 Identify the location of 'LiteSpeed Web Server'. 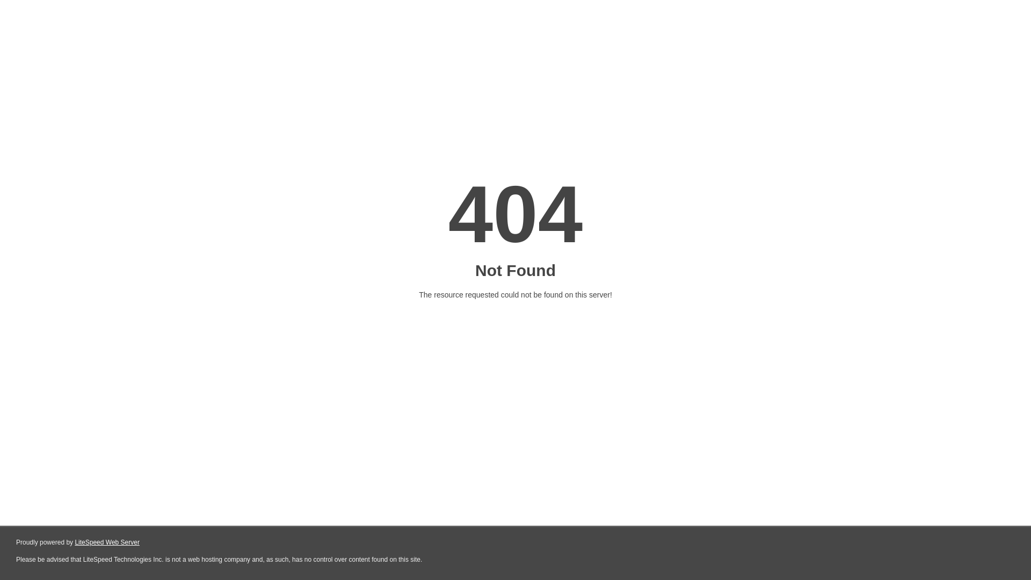
(107, 542).